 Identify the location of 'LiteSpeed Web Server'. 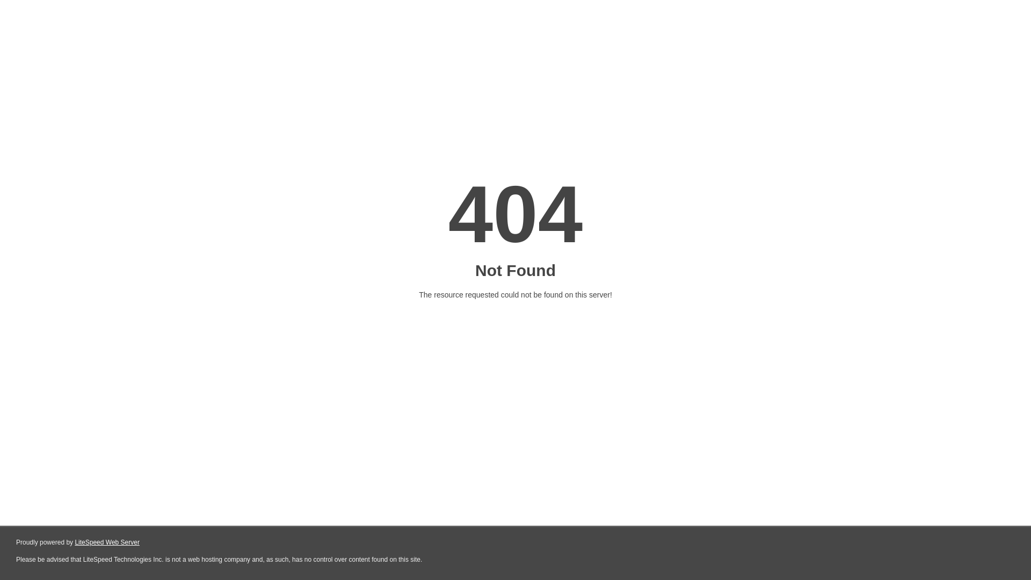
(107, 542).